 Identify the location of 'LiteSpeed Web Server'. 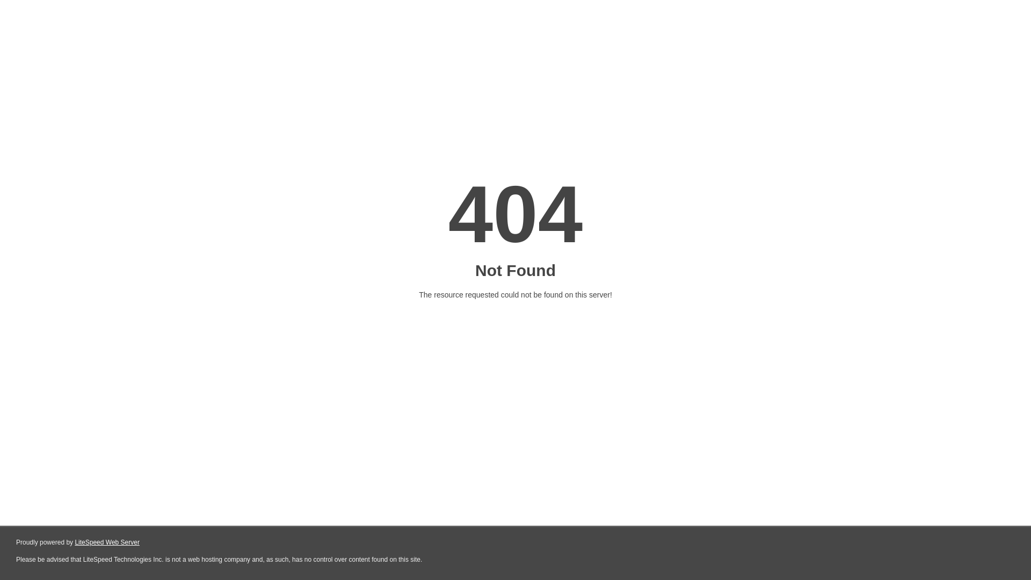
(107, 542).